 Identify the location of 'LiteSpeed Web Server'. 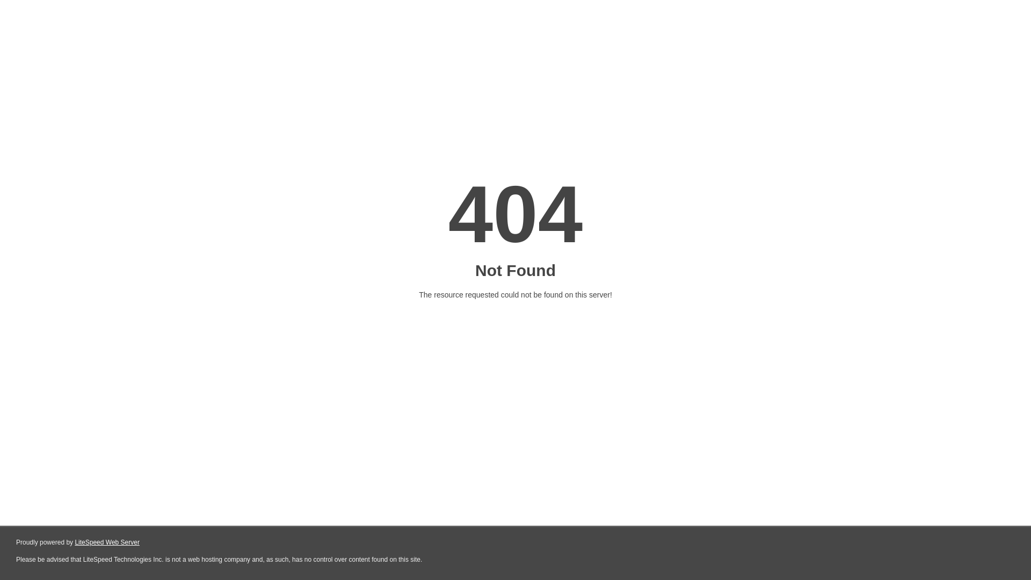
(107, 542).